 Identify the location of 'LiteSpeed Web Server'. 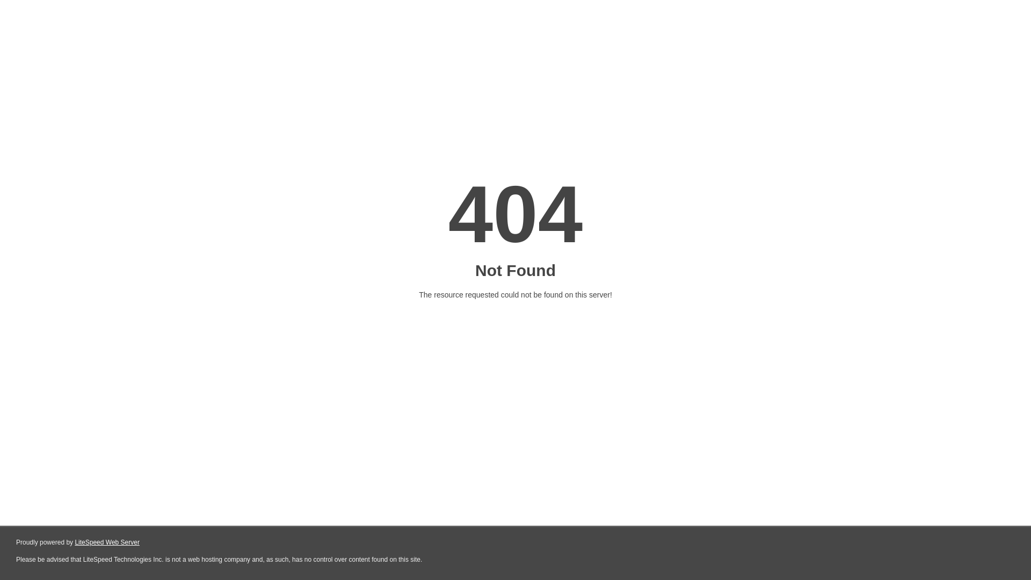
(107, 542).